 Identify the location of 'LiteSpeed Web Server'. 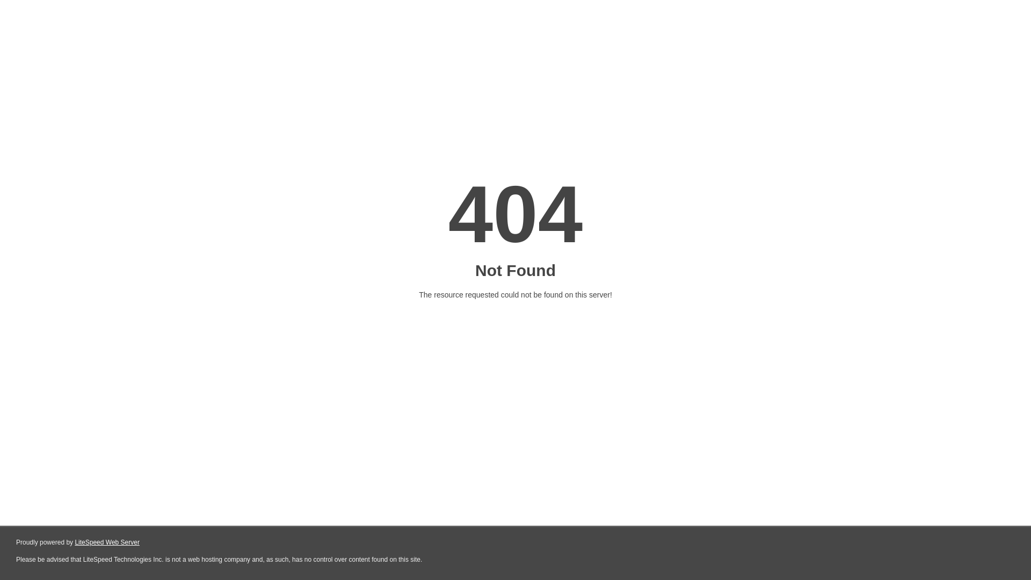
(107, 542).